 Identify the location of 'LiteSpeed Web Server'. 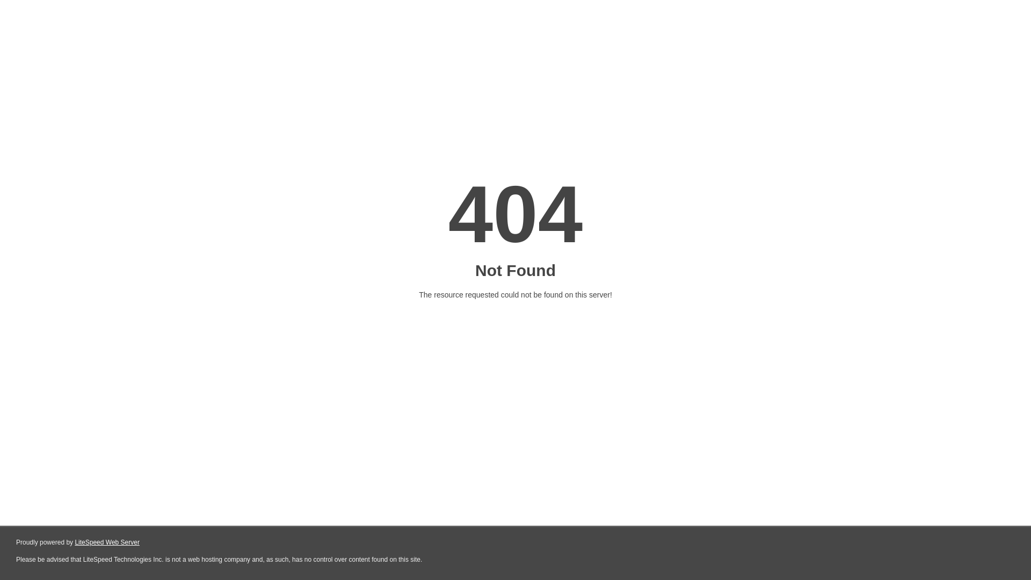
(107, 542).